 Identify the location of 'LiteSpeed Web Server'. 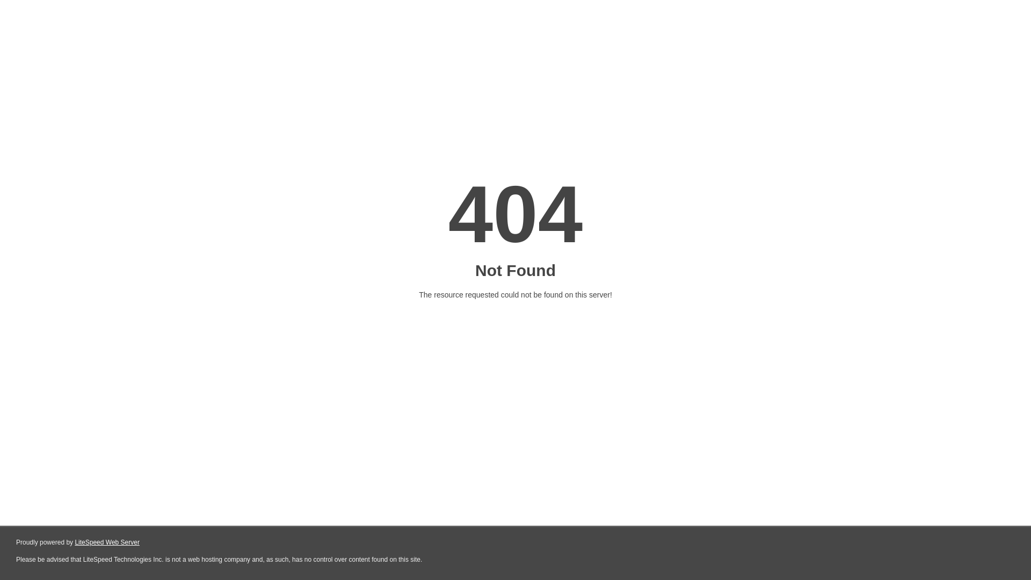
(107, 542).